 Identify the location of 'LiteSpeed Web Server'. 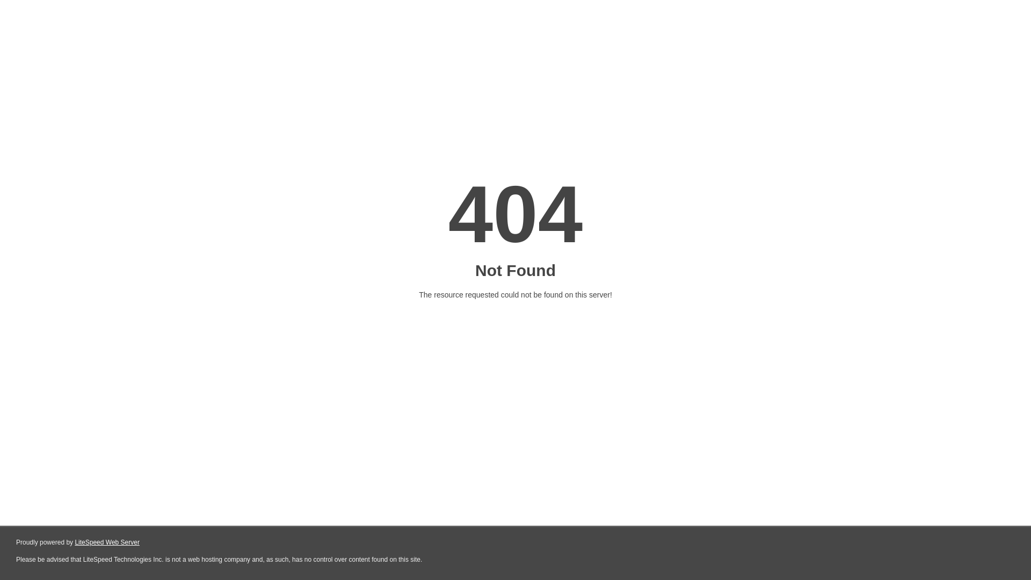
(107, 542).